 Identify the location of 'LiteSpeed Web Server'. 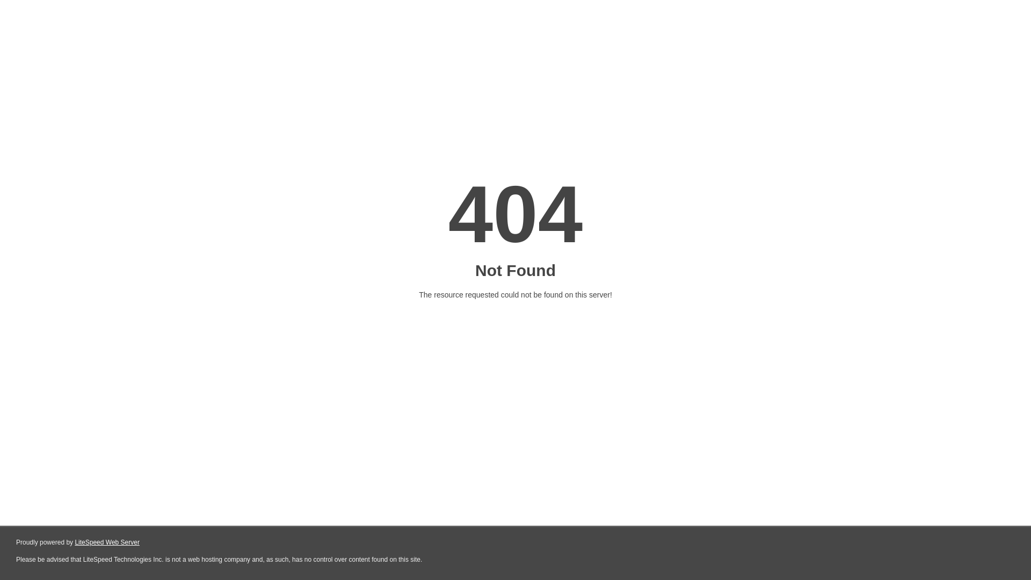
(107, 542).